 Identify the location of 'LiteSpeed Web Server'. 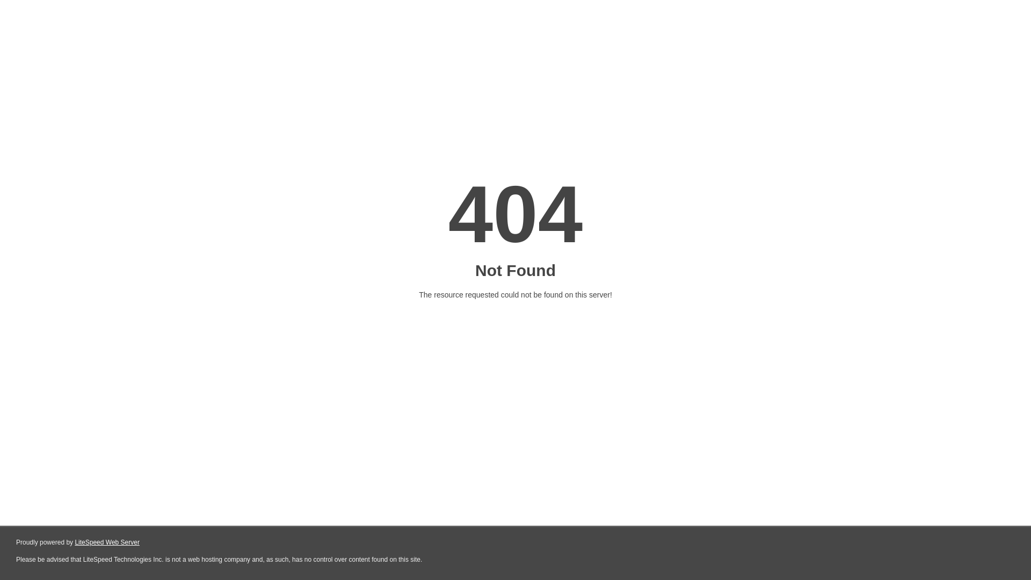
(107, 542).